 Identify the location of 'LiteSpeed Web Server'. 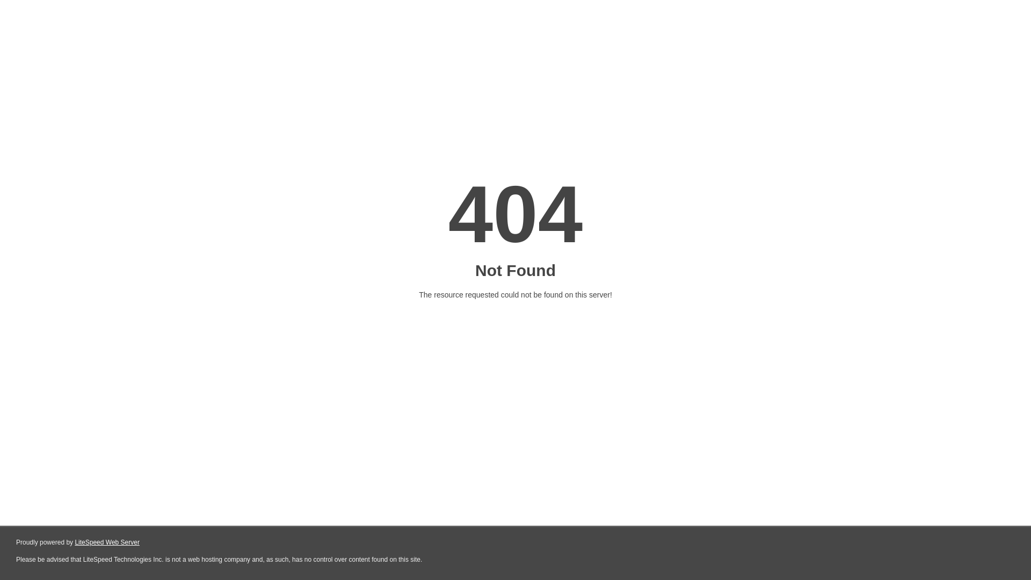
(107, 542).